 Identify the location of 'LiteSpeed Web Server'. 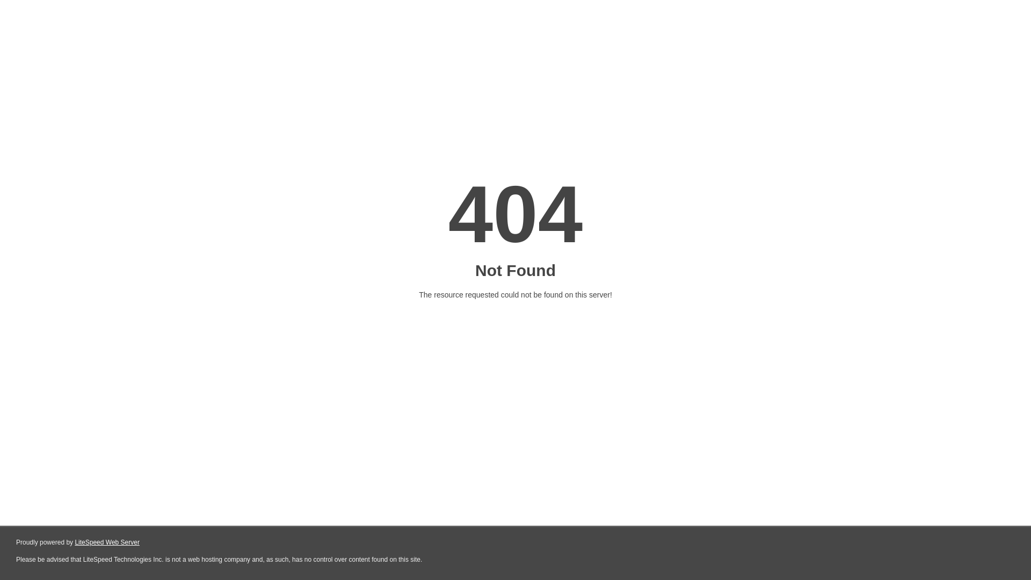
(107, 542).